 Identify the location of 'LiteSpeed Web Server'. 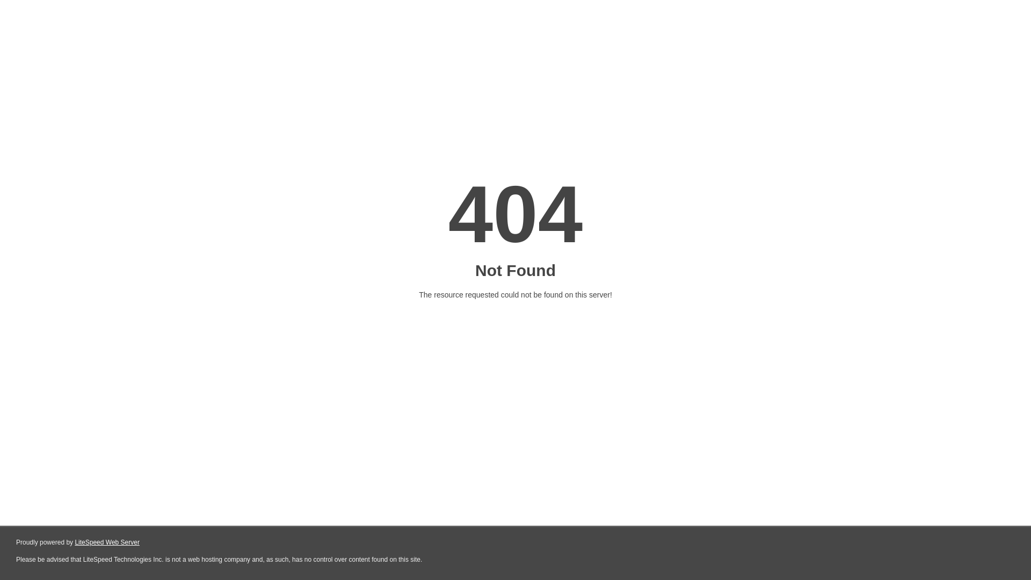
(107, 542).